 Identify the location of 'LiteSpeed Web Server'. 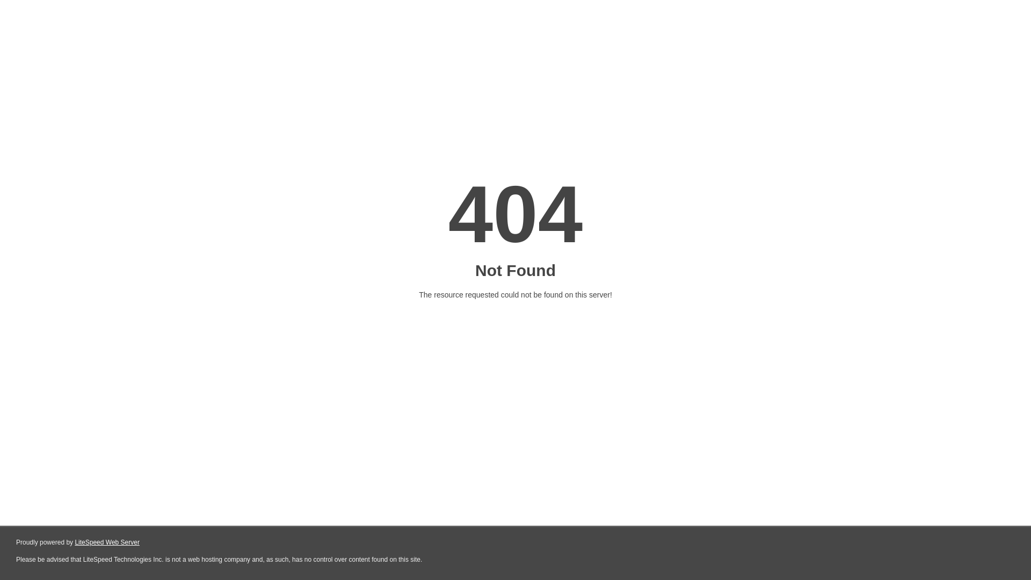
(107, 542).